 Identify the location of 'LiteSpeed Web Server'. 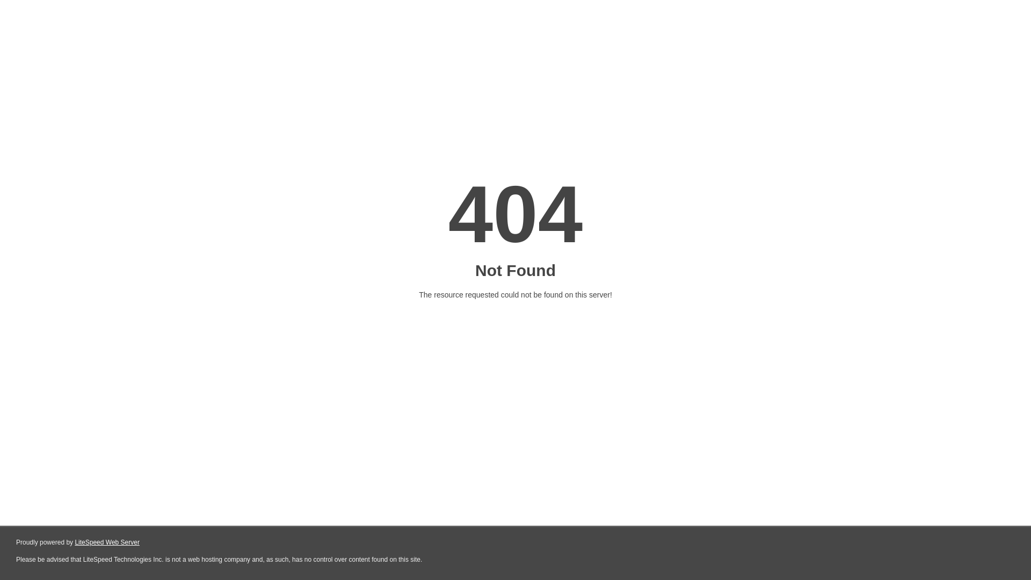
(107, 542).